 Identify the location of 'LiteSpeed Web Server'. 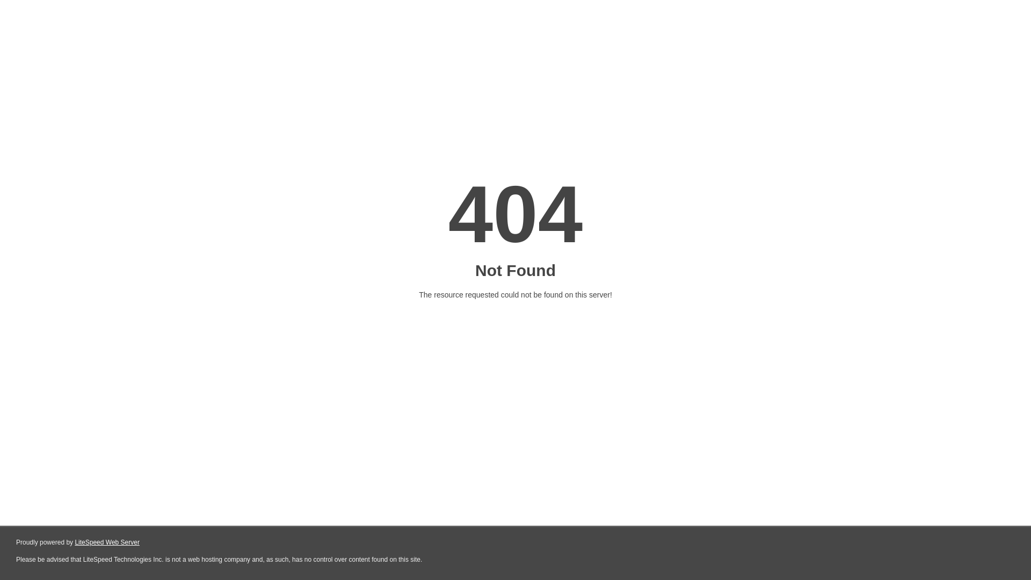
(107, 542).